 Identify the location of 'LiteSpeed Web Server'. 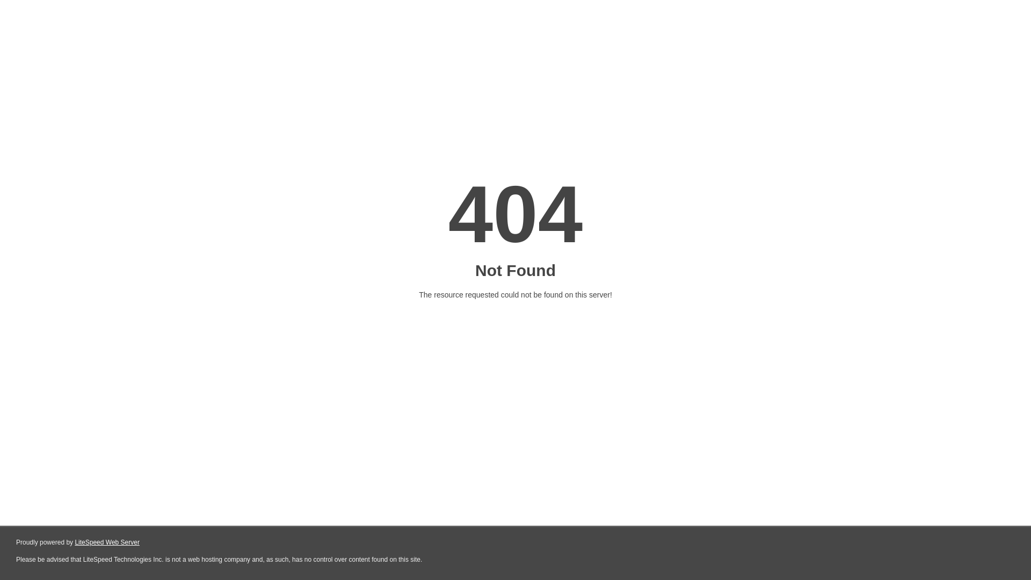
(107, 542).